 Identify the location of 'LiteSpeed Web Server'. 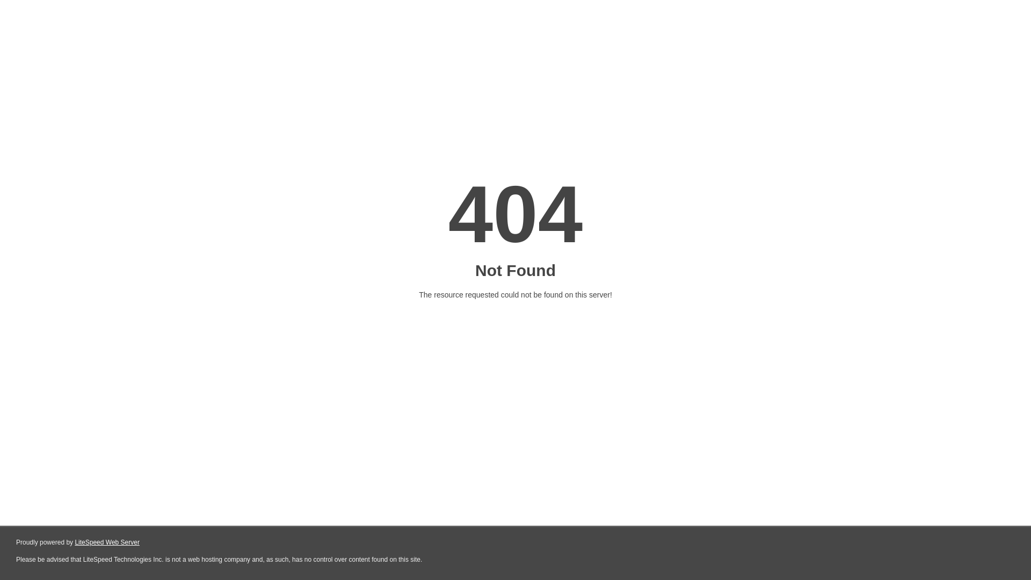
(107, 542).